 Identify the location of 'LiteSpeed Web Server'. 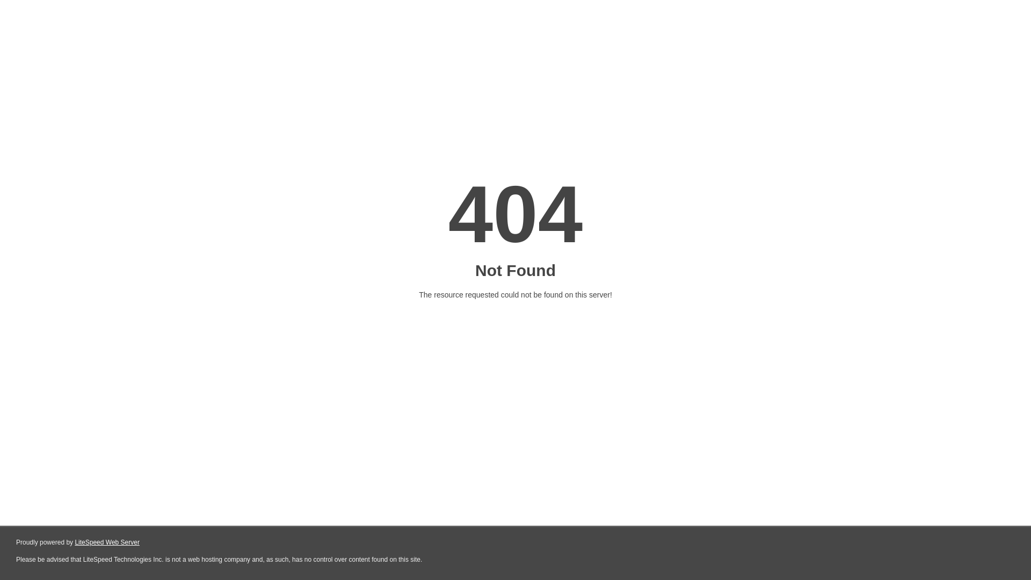
(107, 542).